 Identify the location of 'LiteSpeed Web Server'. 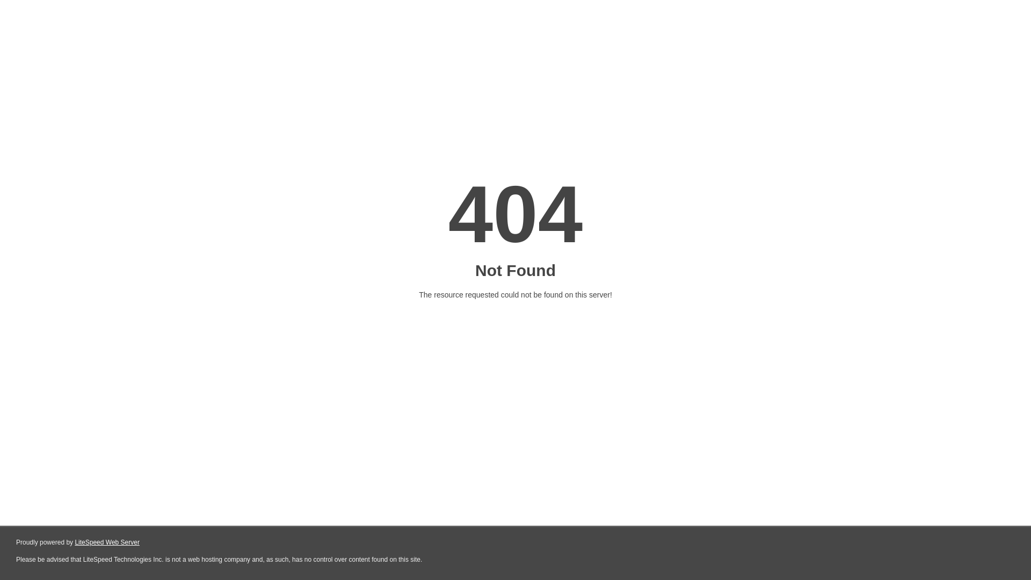
(107, 542).